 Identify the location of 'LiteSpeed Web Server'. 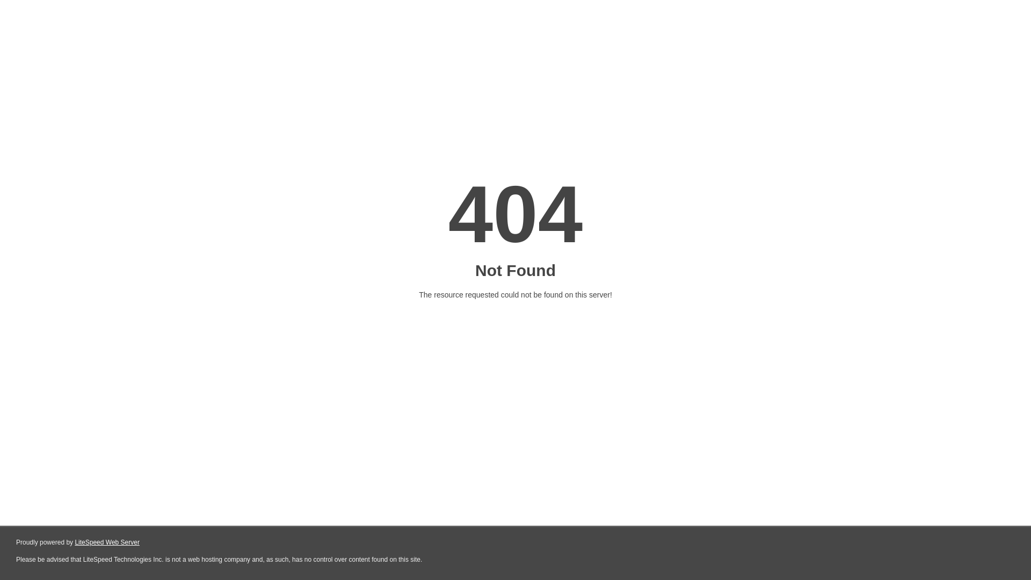
(107, 542).